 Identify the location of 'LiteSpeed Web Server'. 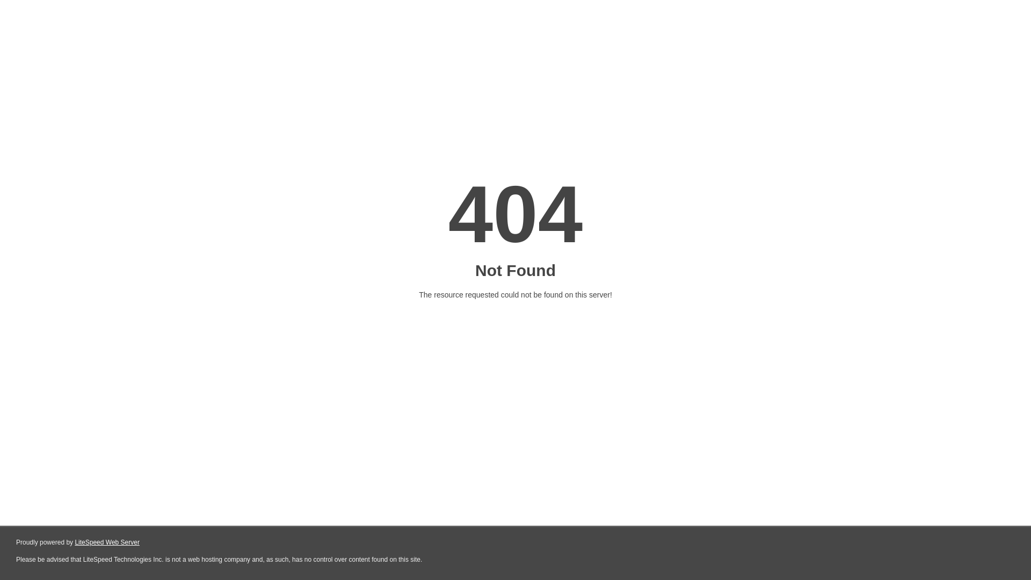
(107, 542).